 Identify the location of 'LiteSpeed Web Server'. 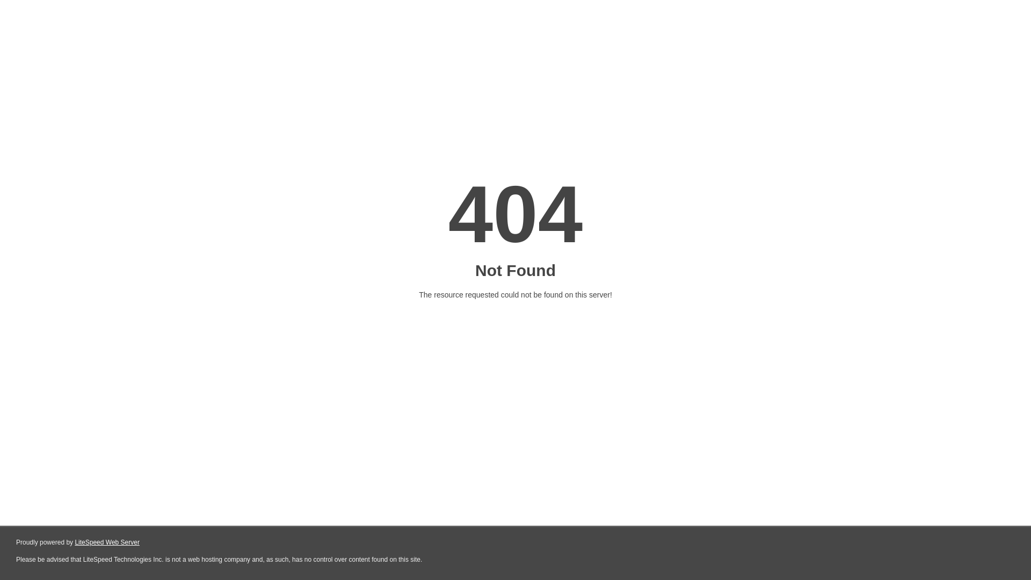
(107, 542).